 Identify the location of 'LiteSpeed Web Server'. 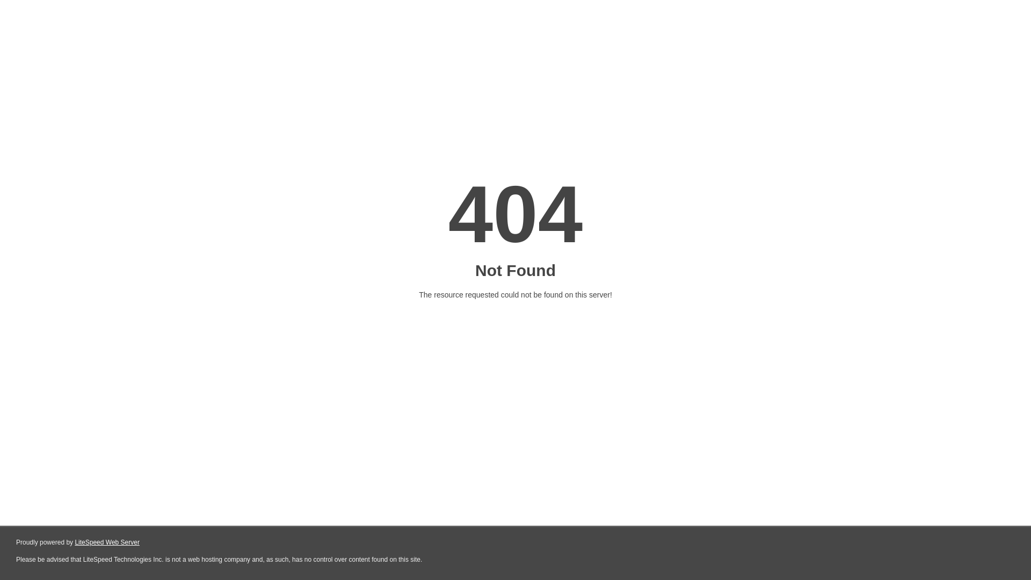
(107, 542).